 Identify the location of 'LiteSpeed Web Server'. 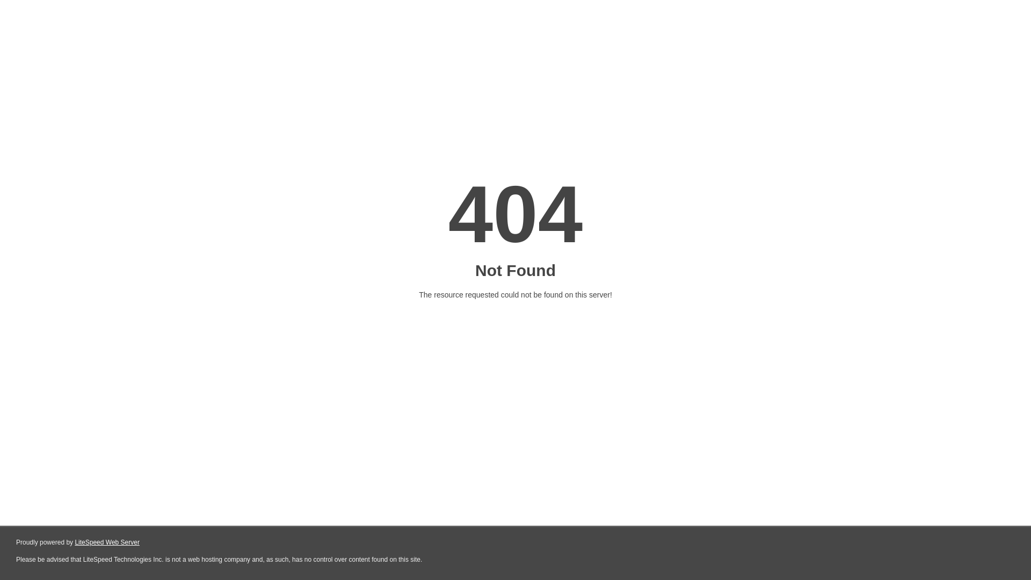
(107, 542).